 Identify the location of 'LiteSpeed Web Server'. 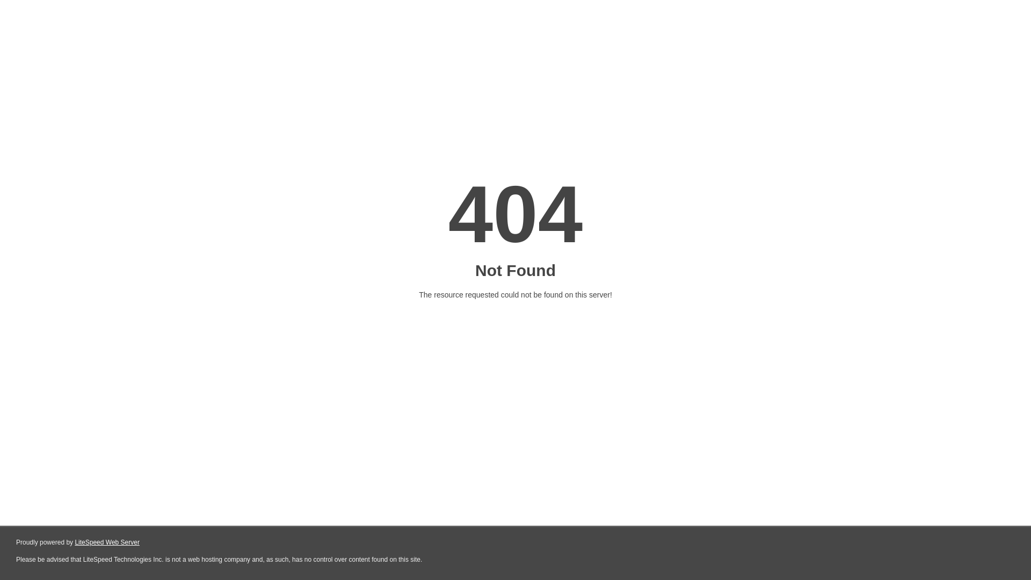
(107, 542).